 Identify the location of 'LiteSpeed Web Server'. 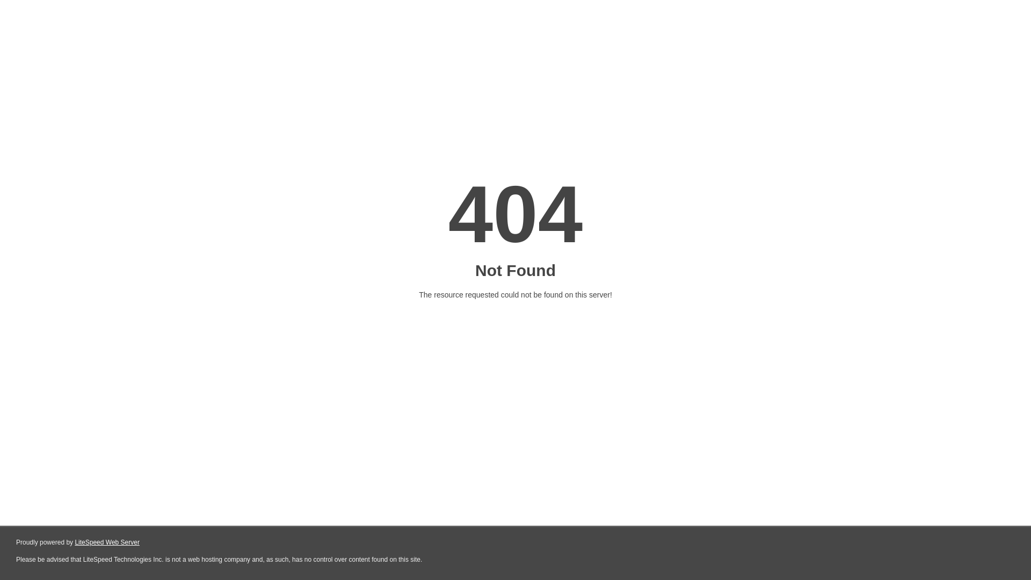
(107, 542).